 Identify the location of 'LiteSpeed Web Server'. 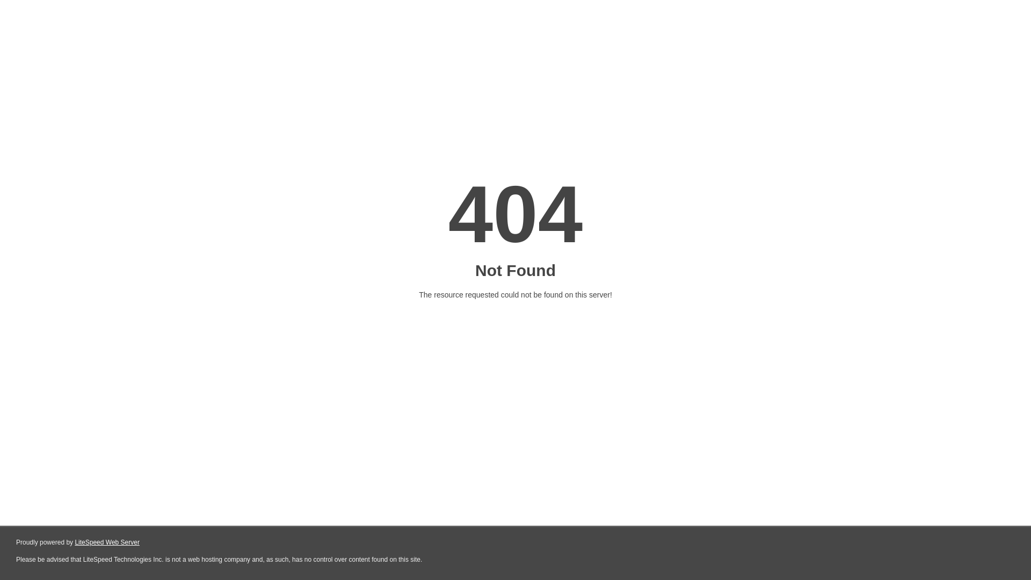
(107, 542).